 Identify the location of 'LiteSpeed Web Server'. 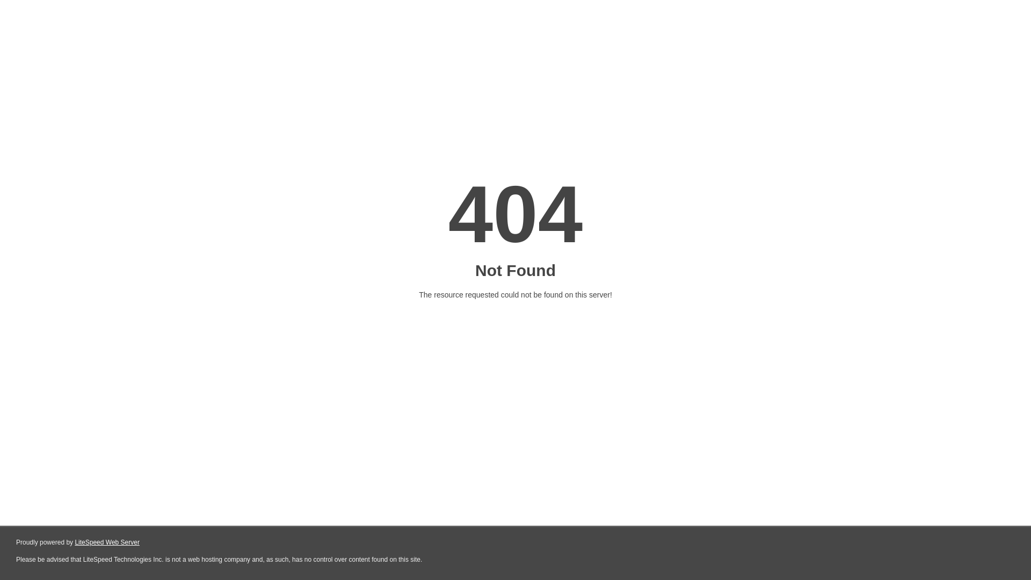
(107, 542).